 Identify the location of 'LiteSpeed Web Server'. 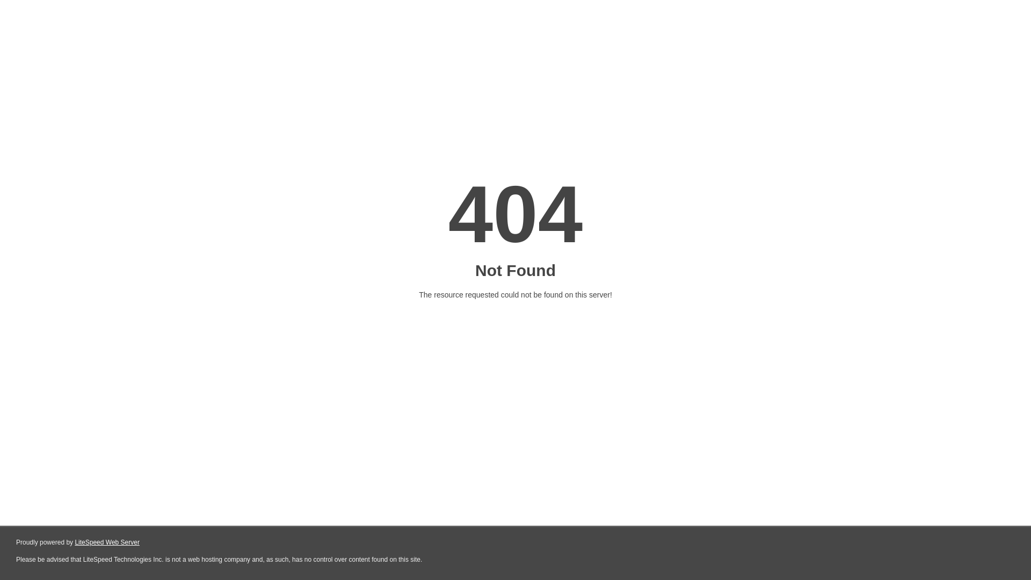
(107, 542).